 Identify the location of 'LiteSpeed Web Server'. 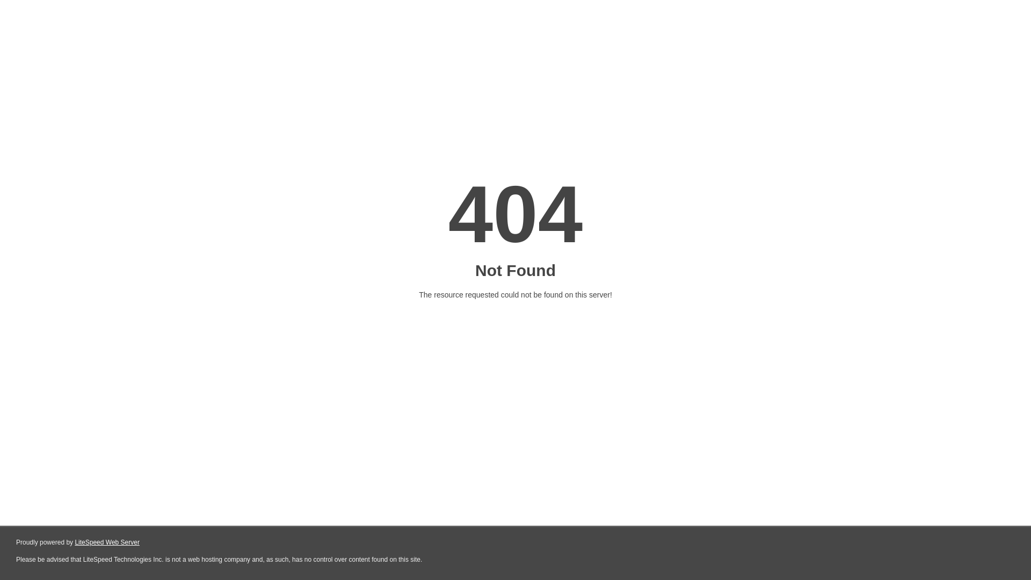
(107, 542).